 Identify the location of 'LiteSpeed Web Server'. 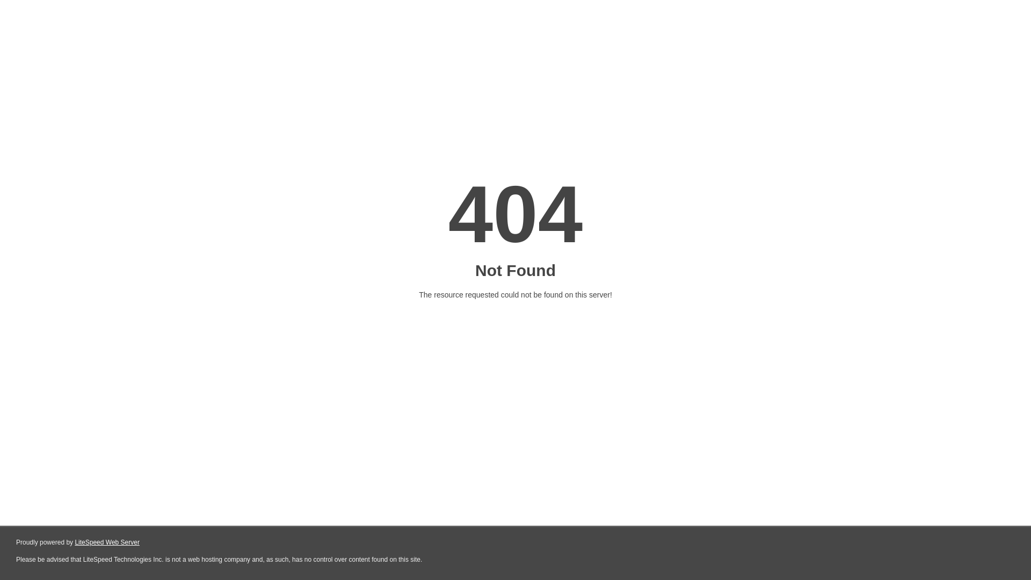
(107, 542).